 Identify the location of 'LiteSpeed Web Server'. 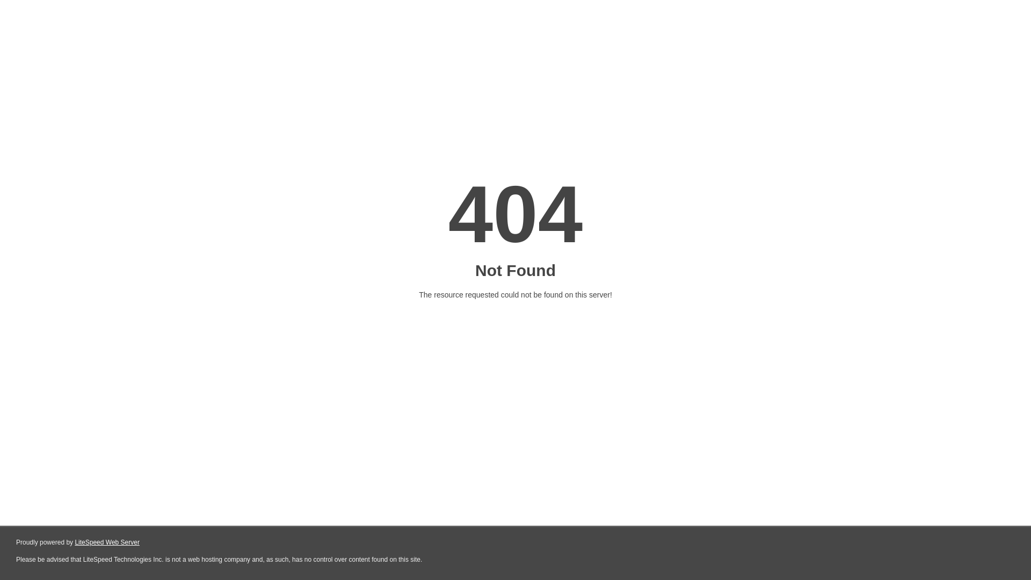
(107, 542).